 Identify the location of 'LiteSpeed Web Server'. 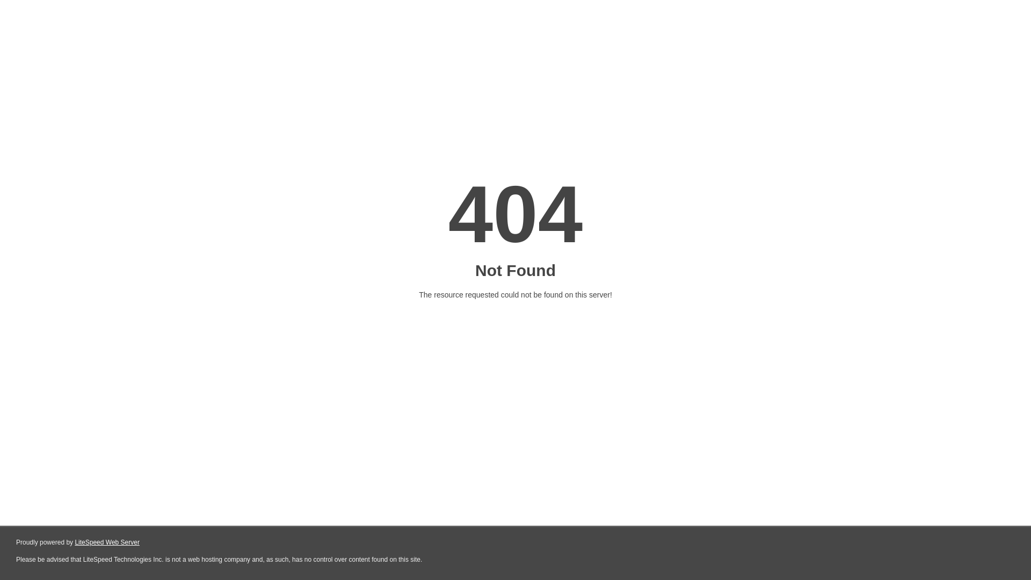
(107, 542).